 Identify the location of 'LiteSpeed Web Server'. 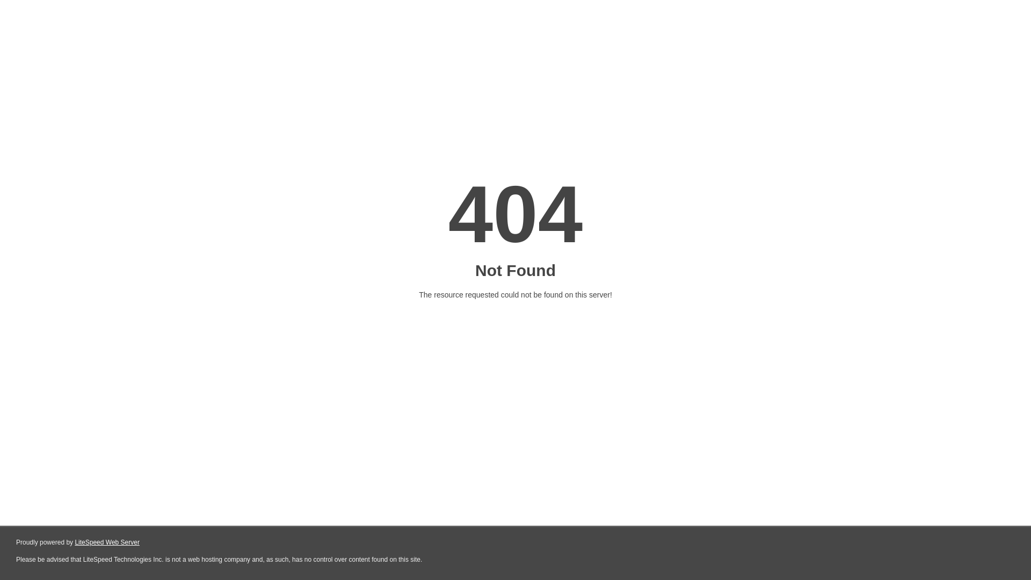
(107, 542).